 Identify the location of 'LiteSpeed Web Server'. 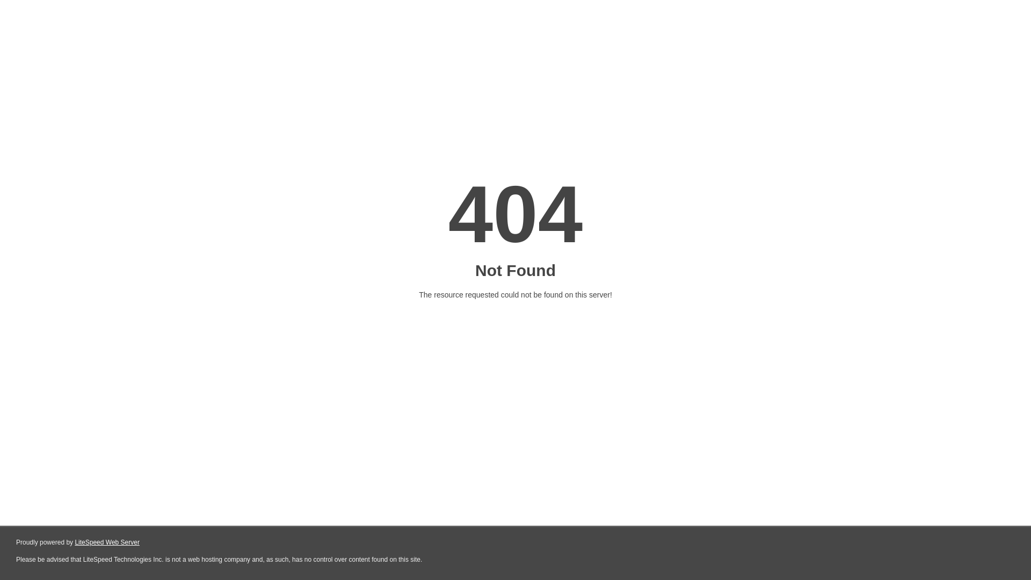
(107, 542).